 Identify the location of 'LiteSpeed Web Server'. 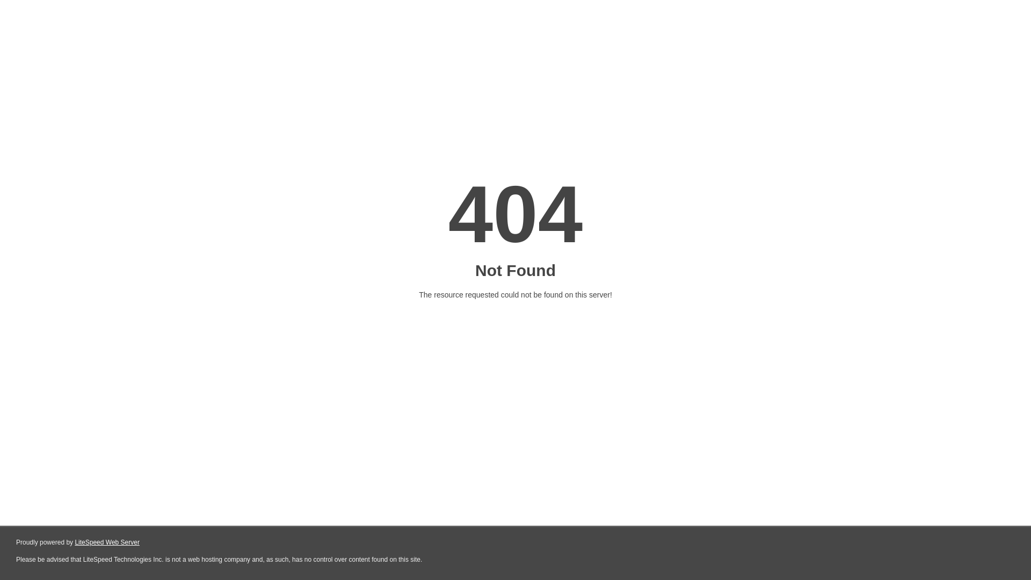
(107, 542).